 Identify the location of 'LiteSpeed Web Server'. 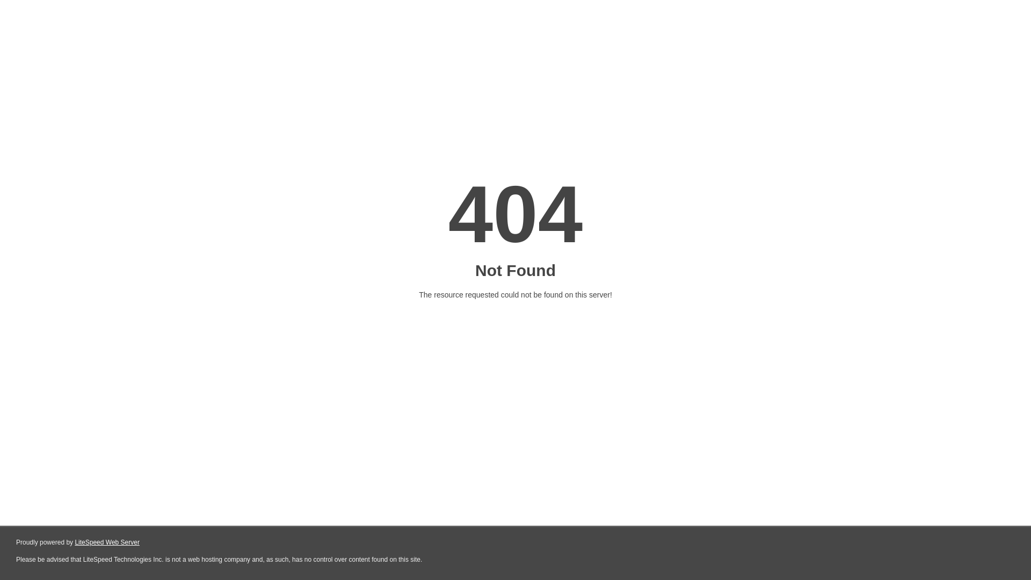
(107, 542).